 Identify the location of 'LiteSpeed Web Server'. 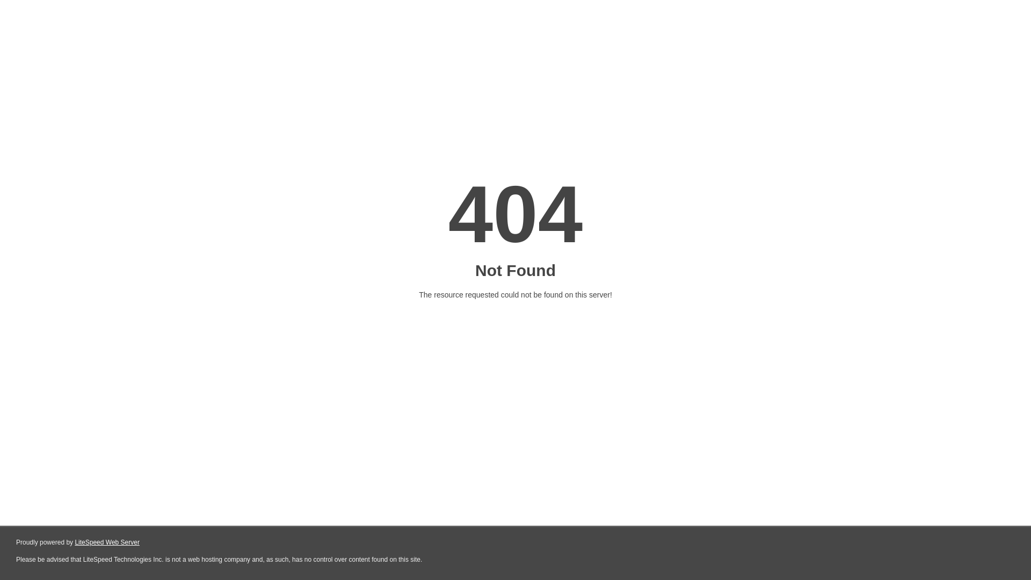
(107, 542).